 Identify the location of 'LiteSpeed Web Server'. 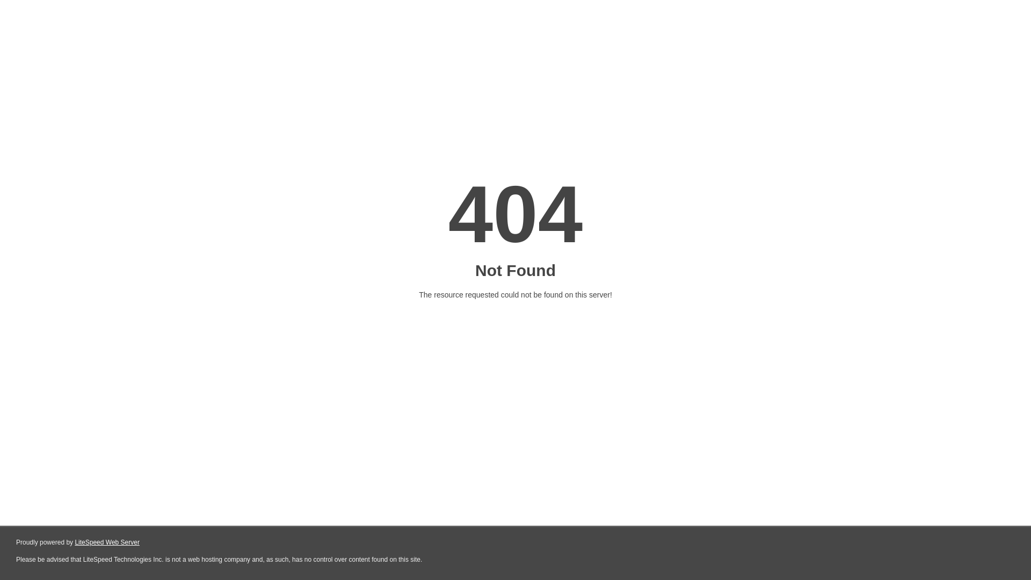
(107, 542).